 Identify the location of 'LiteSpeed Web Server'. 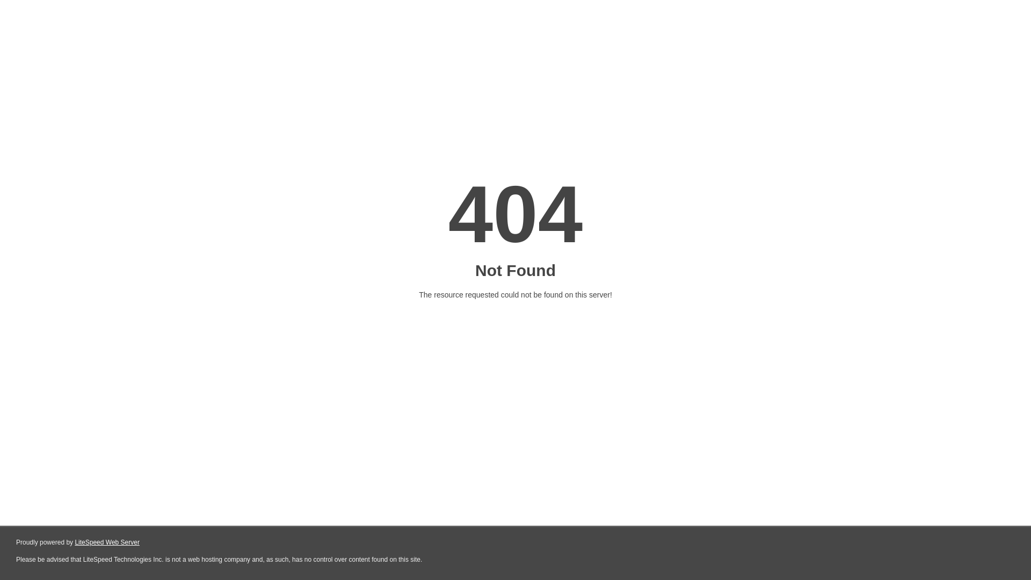
(107, 542).